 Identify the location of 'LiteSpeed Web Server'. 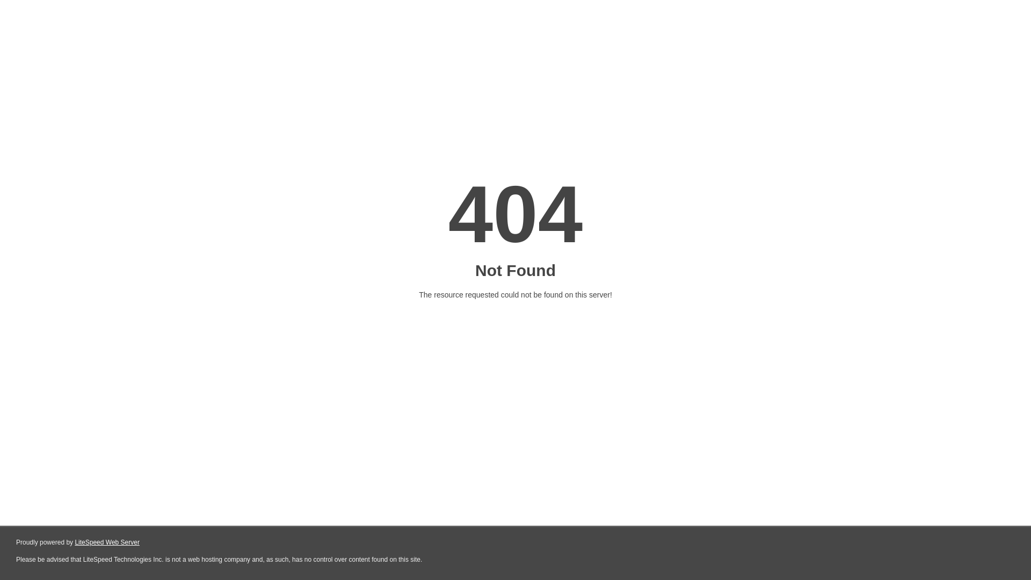
(107, 542).